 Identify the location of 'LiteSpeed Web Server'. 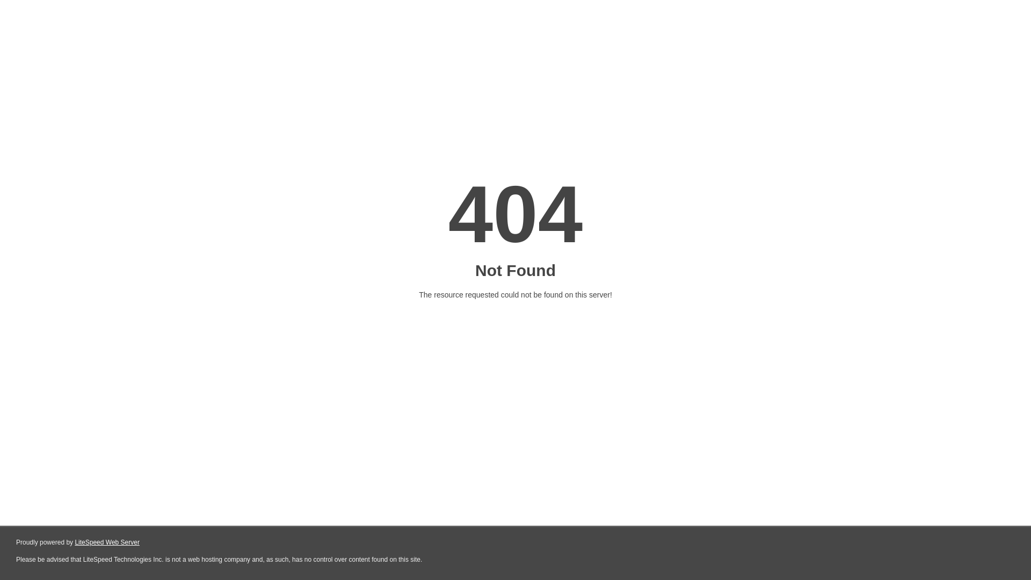
(107, 542).